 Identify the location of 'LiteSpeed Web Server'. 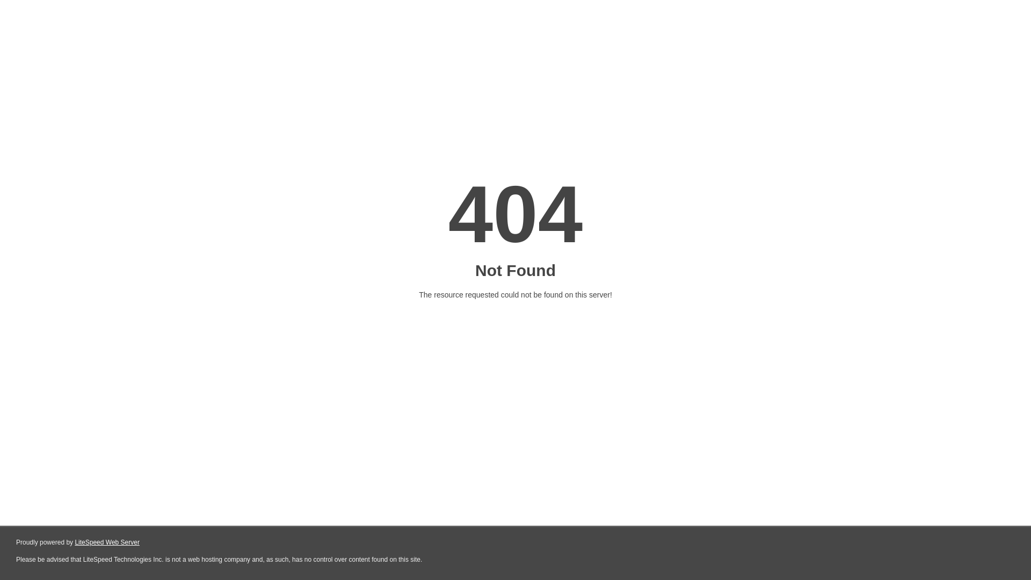
(107, 542).